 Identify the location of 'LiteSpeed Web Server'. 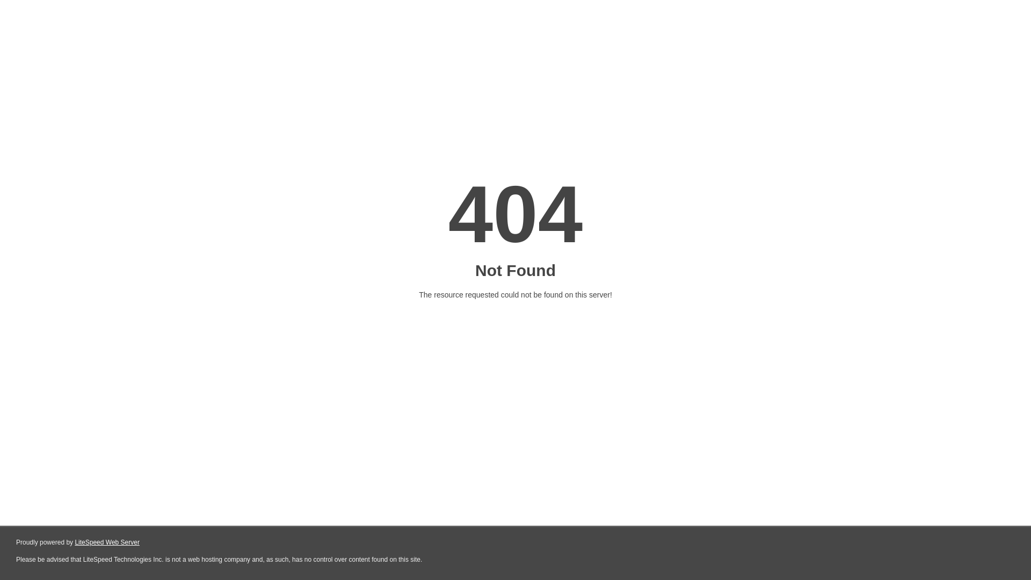
(107, 542).